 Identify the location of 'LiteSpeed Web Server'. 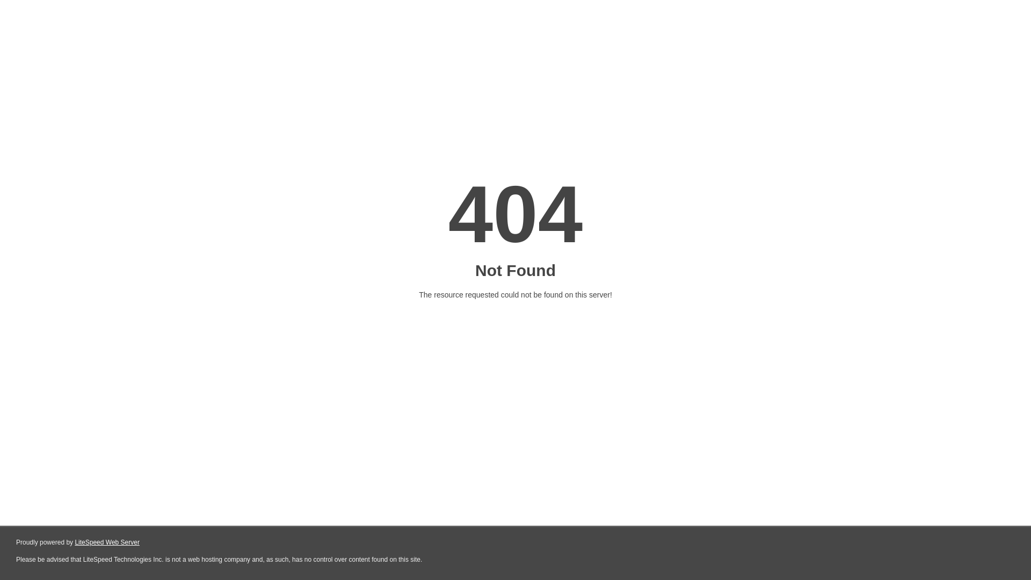
(107, 542).